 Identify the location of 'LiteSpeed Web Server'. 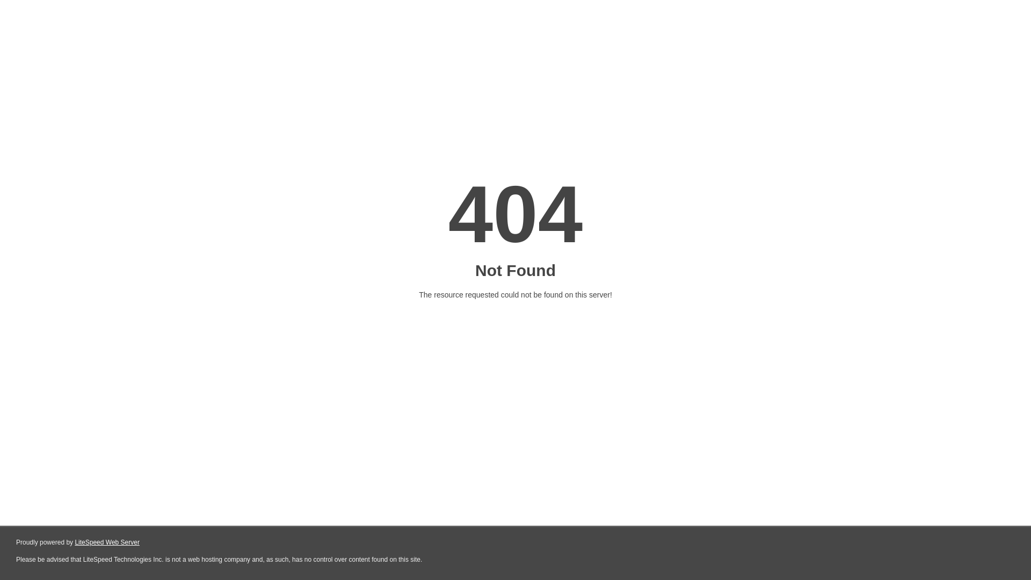
(107, 542).